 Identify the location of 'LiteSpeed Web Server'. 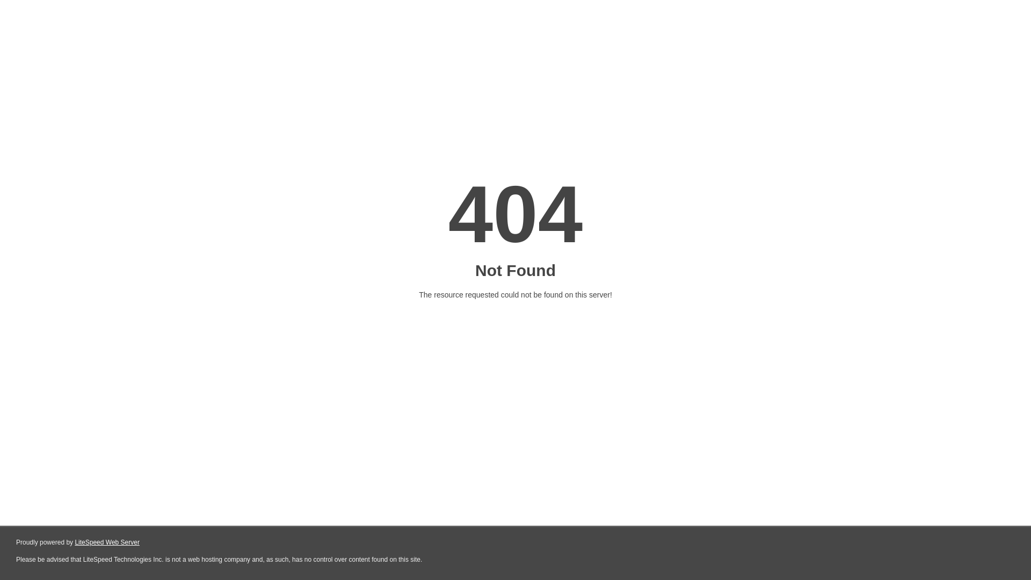
(107, 542).